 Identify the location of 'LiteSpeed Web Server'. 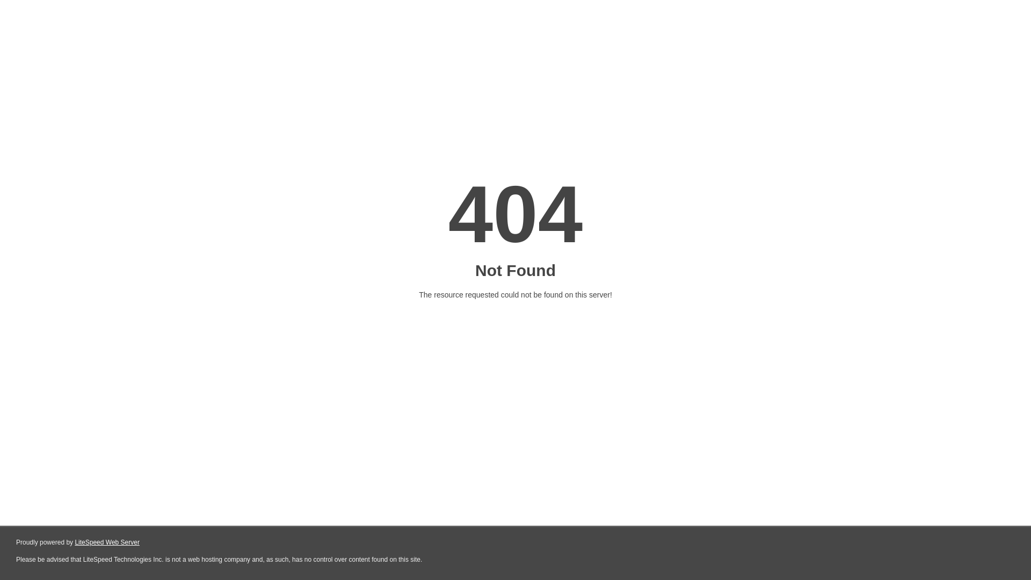
(107, 542).